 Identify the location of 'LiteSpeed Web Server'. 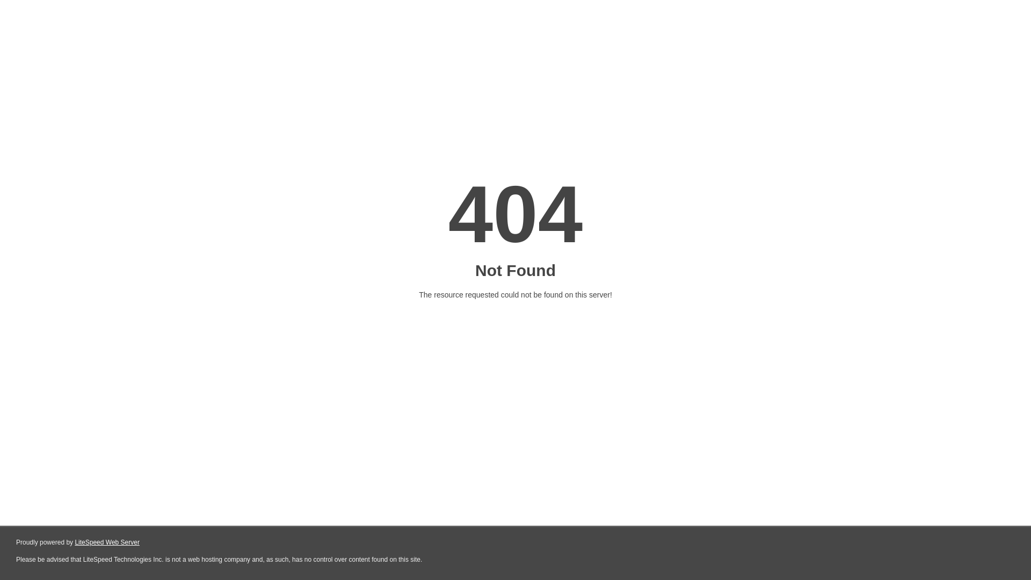
(107, 542).